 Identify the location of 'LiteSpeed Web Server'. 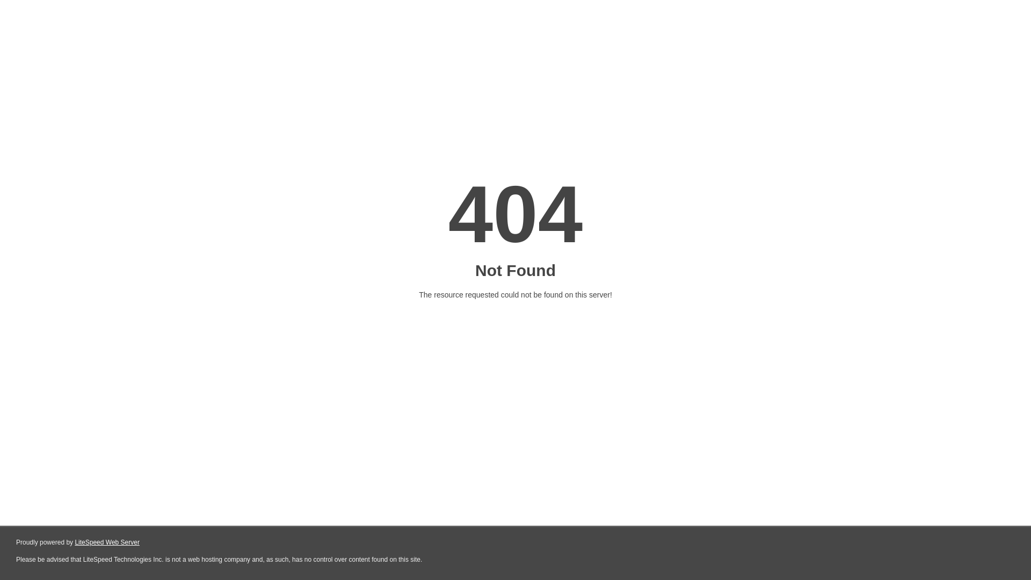
(107, 542).